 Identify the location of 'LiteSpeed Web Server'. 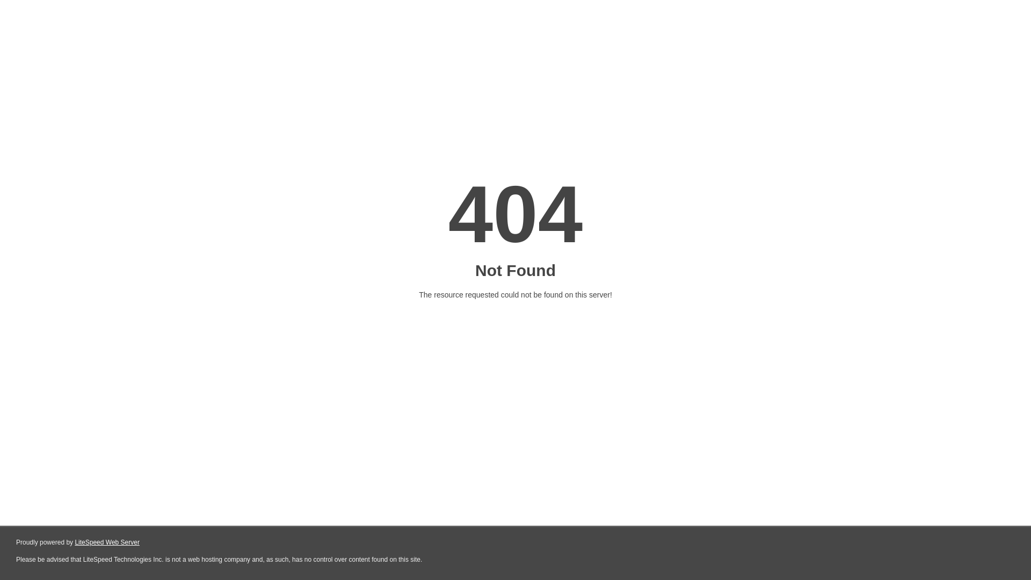
(107, 542).